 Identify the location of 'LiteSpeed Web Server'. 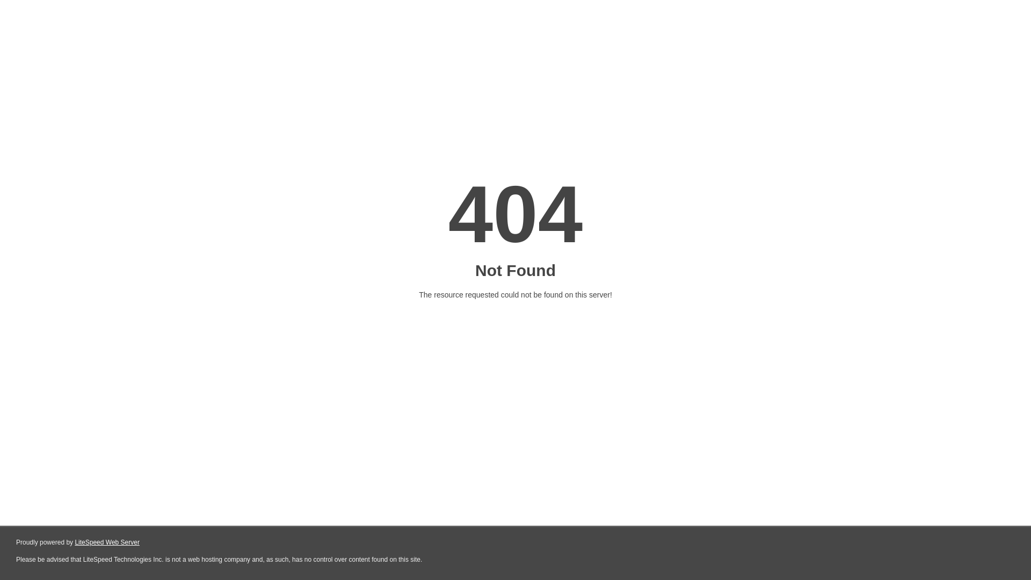
(107, 542).